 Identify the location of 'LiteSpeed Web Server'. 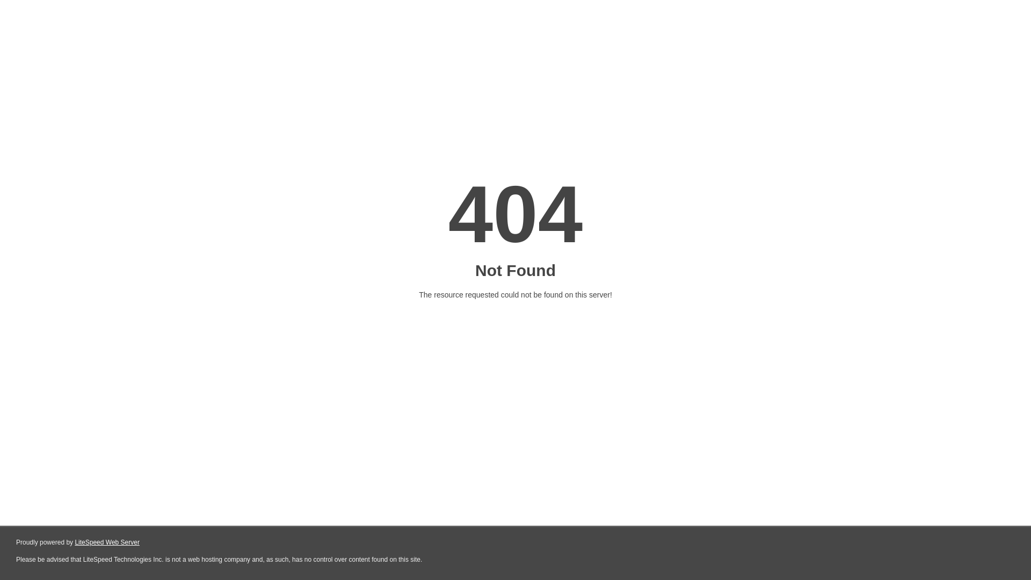
(107, 542).